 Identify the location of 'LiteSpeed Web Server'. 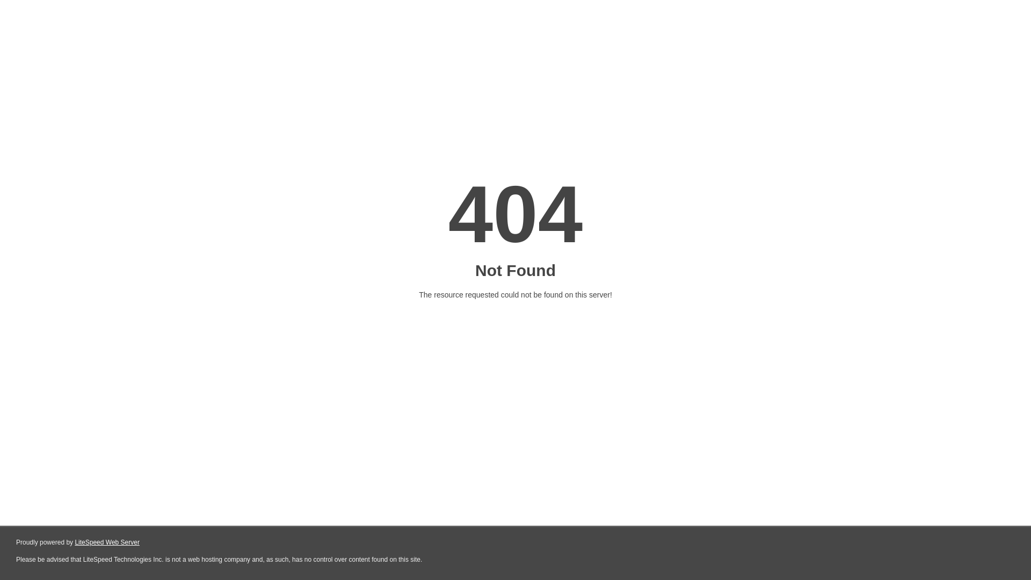
(107, 542).